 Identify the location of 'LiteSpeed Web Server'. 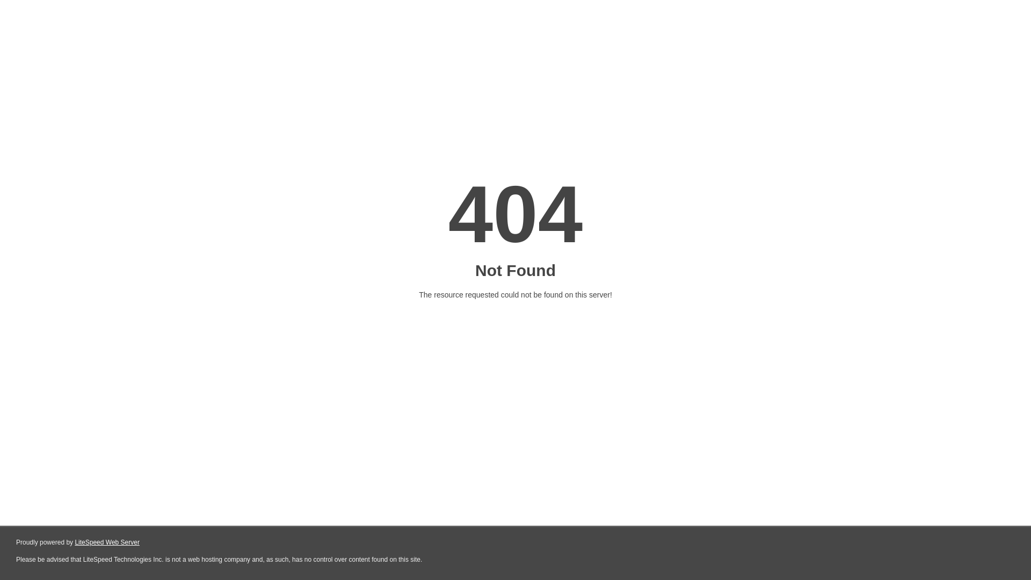
(107, 542).